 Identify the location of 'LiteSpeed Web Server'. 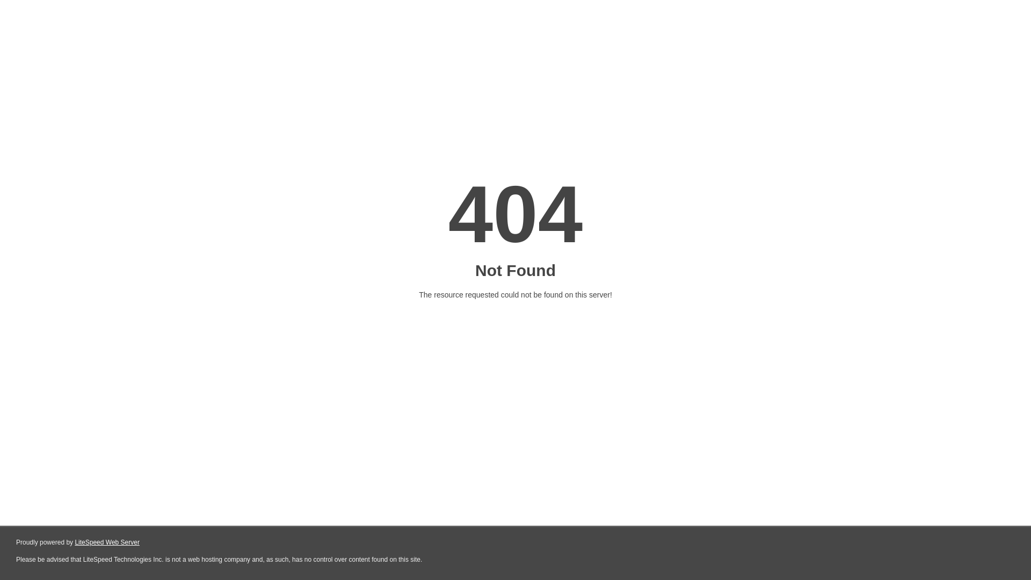
(107, 542).